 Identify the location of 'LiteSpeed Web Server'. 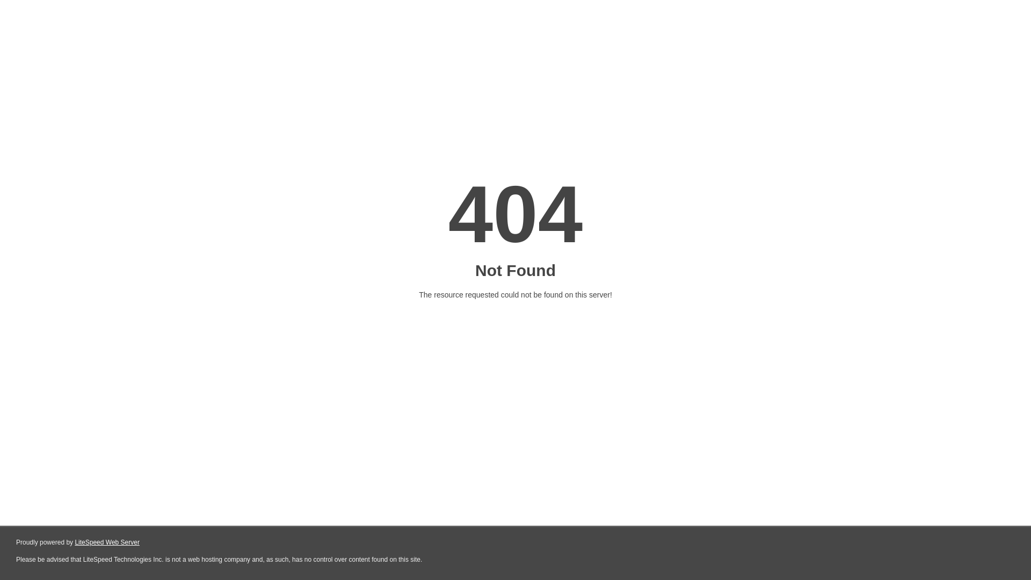
(107, 542).